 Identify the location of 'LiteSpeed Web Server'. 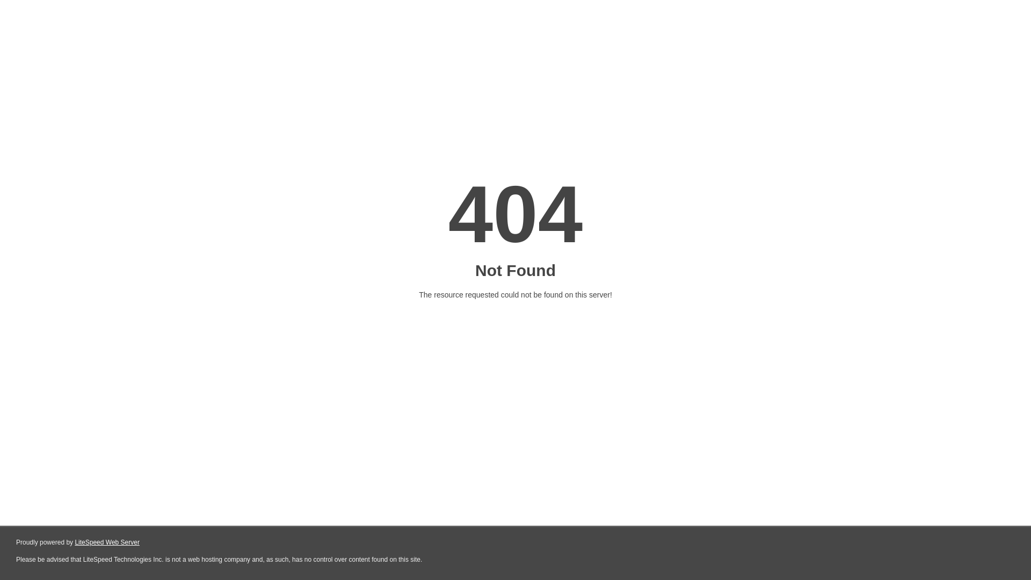
(107, 542).